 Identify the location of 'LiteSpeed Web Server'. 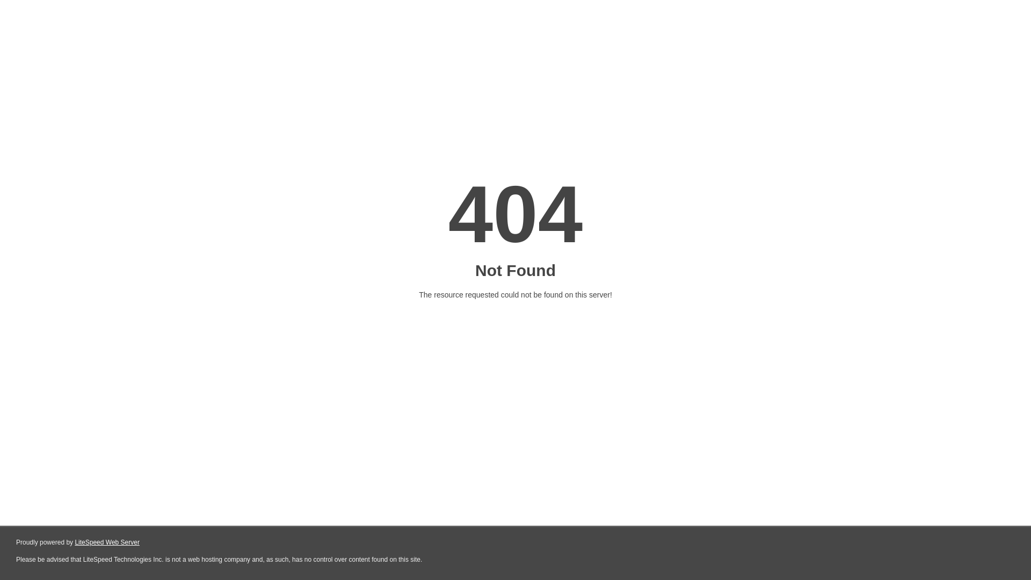
(107, 542).